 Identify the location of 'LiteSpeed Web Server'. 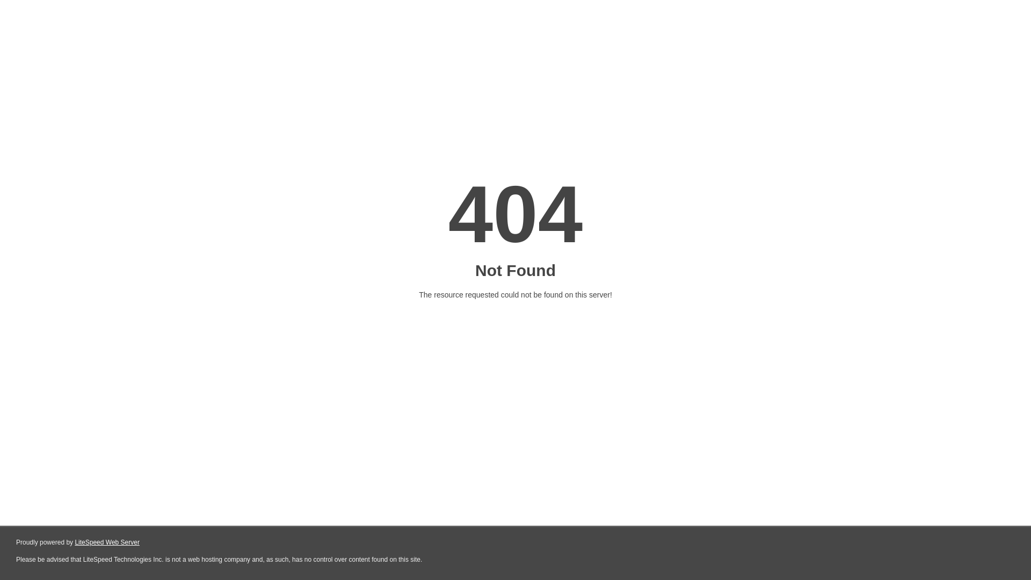
(107, 542).